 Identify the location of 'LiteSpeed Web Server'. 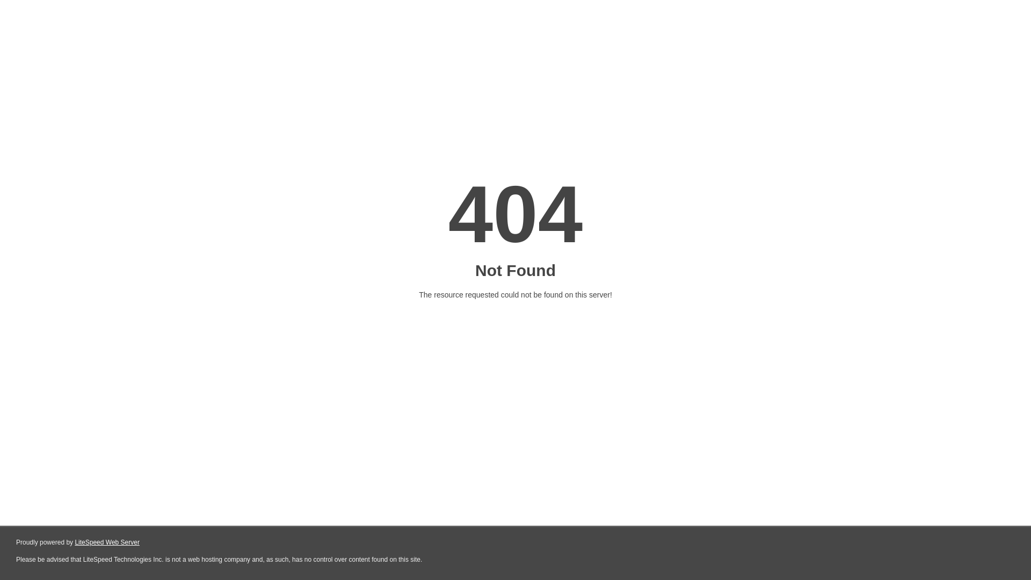
(107, 542).